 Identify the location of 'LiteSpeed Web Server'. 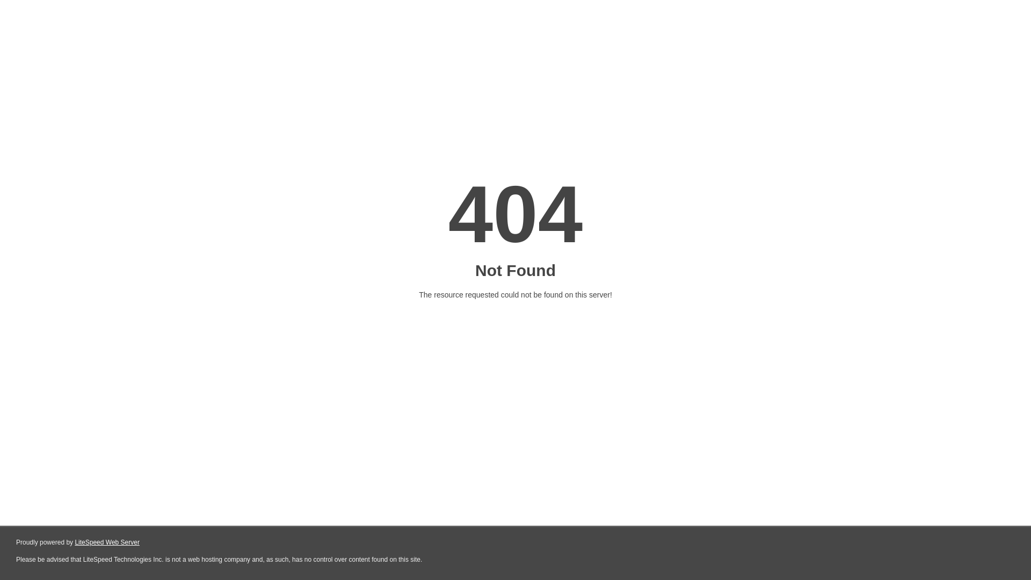
(107, 542).